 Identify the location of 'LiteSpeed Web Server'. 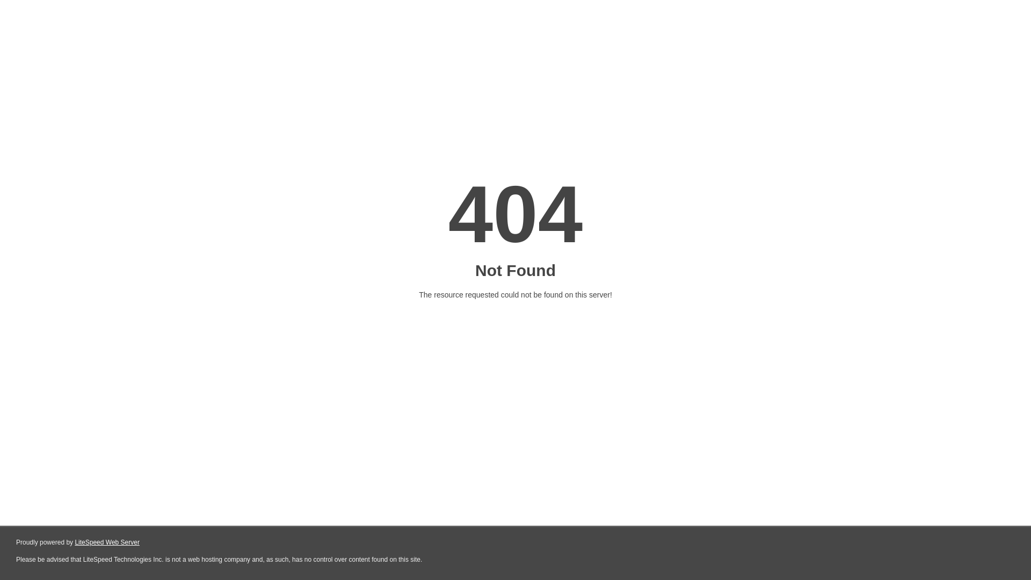
(107, 542).